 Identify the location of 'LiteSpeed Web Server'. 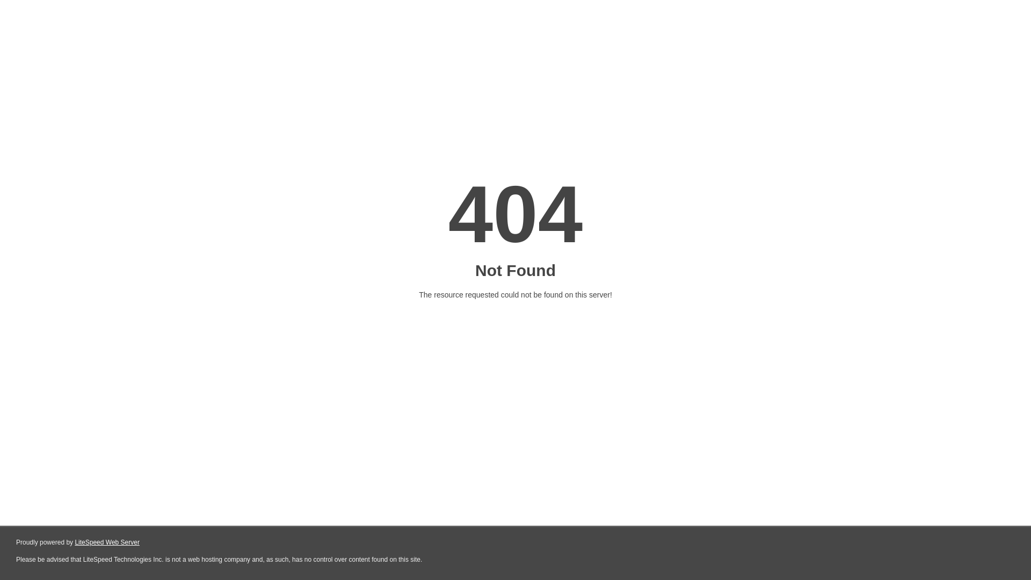
(107, 542).